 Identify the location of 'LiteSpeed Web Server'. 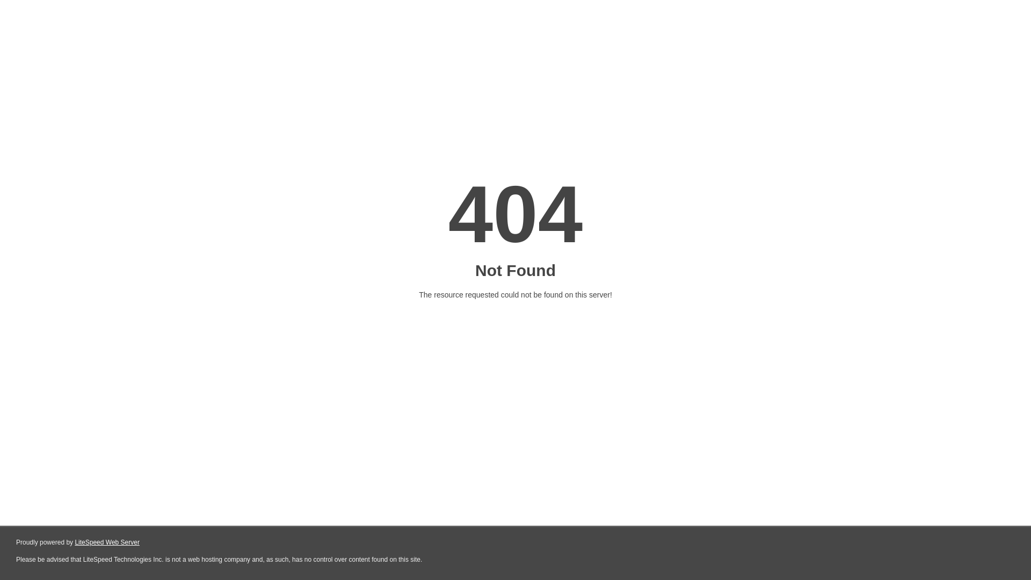
(107, 542).